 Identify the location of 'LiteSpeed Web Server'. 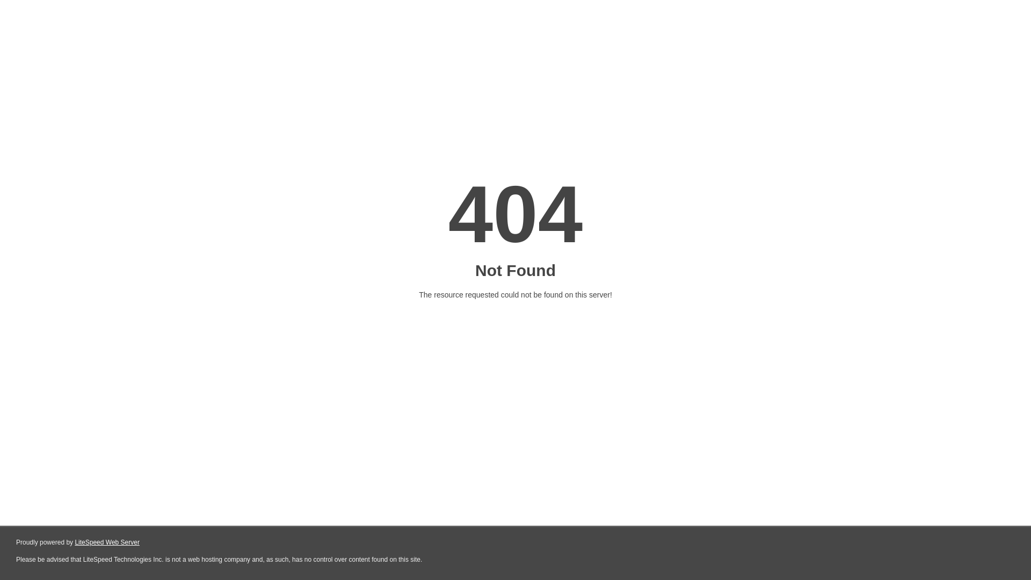
(107, 542).